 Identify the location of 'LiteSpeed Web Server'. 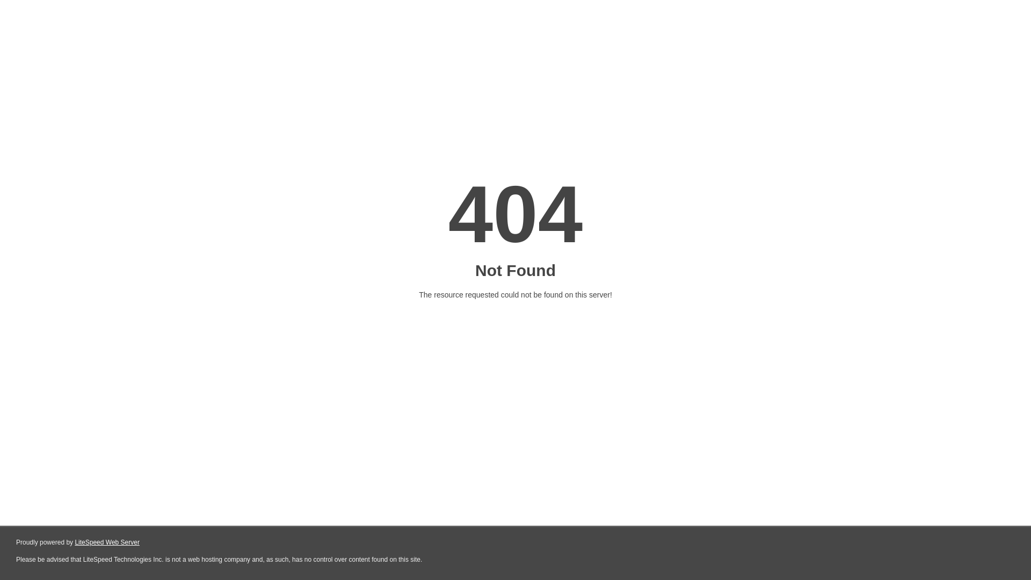
(107, 542).